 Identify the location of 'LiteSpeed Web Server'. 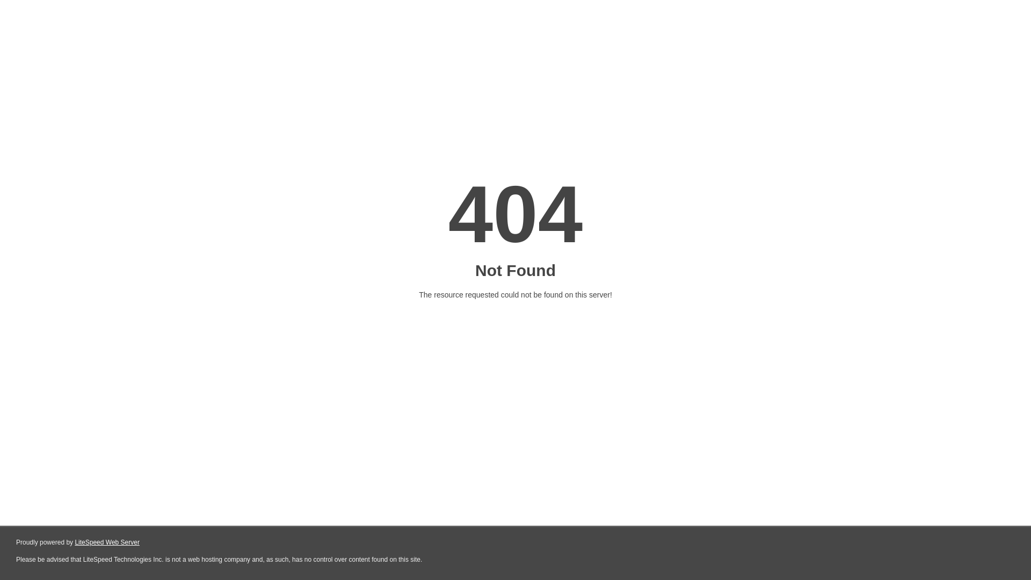
(107, 542).